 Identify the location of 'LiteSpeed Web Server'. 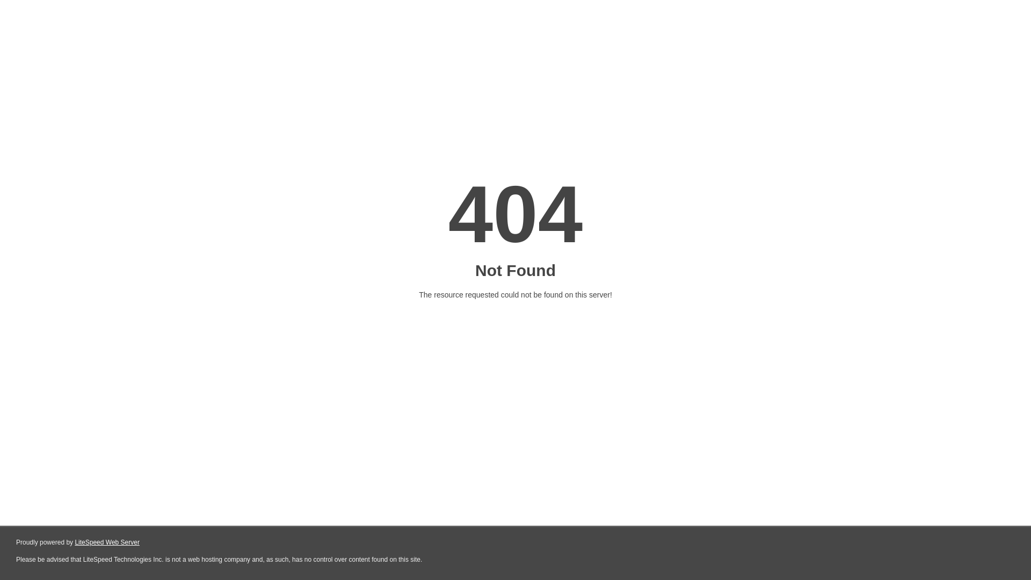
(107, 542).